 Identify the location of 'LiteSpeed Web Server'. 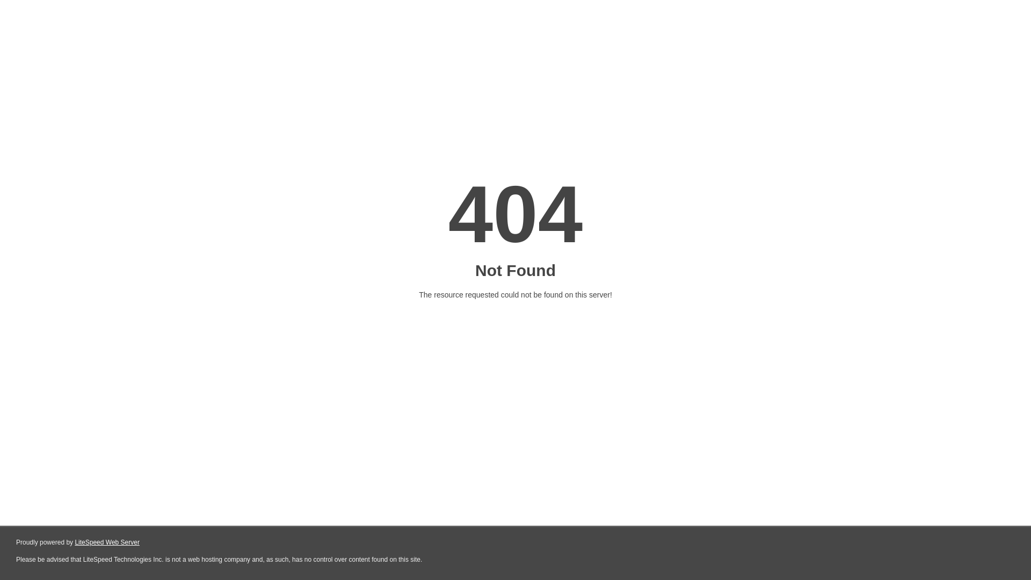
(107, 542).